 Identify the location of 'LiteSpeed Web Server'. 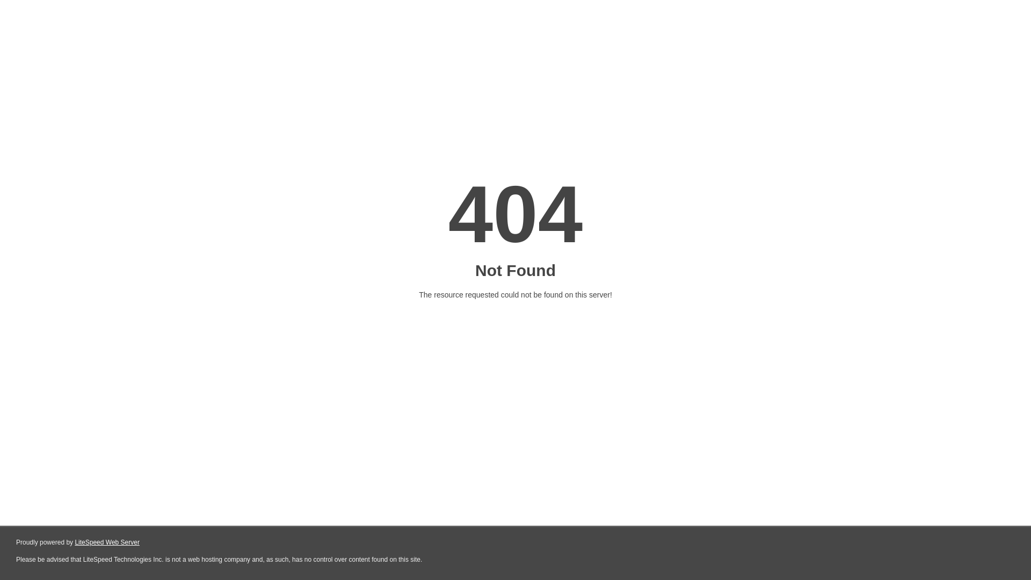
(107, 542).